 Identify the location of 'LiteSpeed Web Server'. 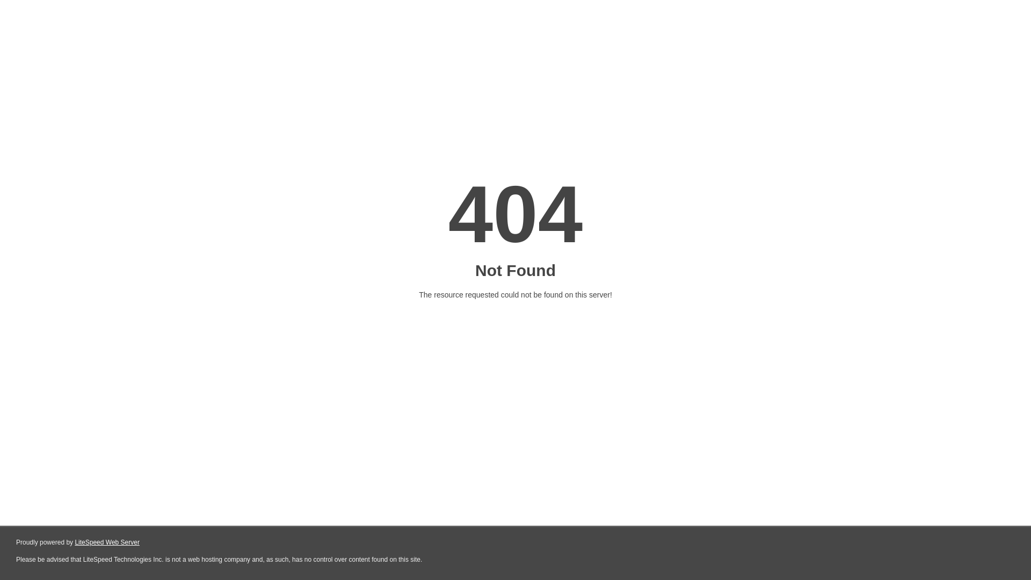
(107, 542).